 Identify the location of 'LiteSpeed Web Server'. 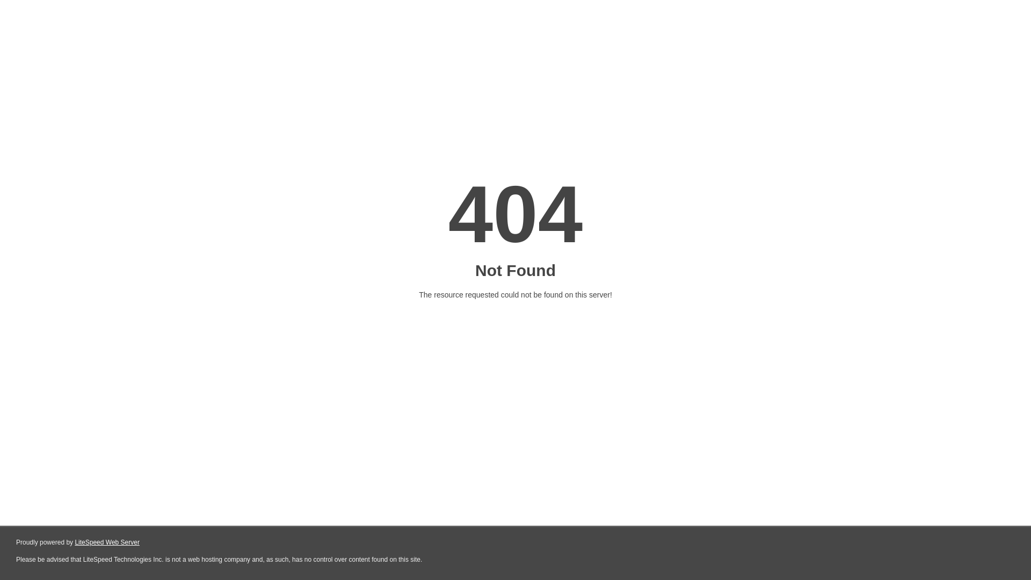
(107, 542).